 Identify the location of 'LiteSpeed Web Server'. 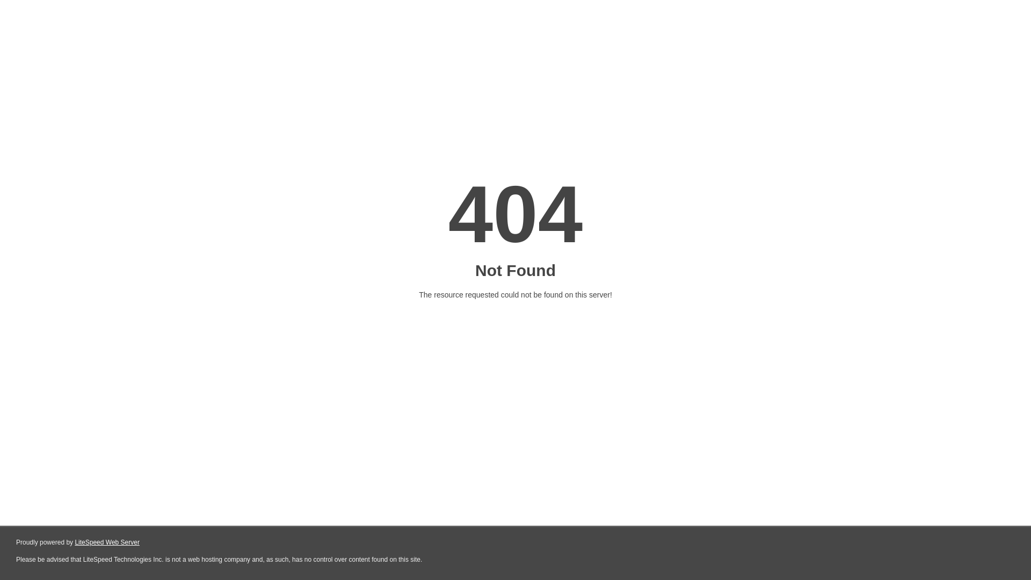
(107, 542).